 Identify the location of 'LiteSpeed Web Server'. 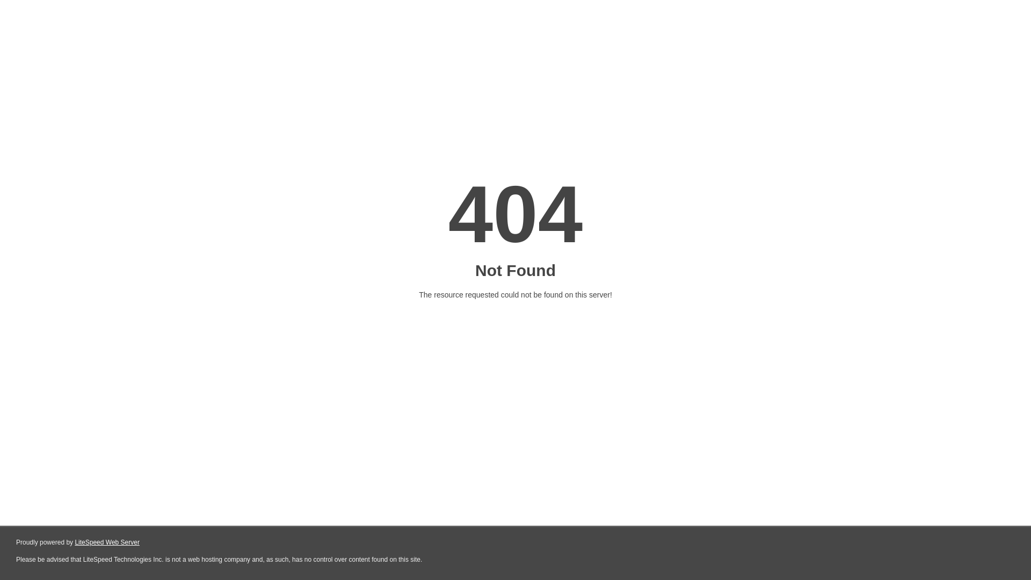
(107, 542).